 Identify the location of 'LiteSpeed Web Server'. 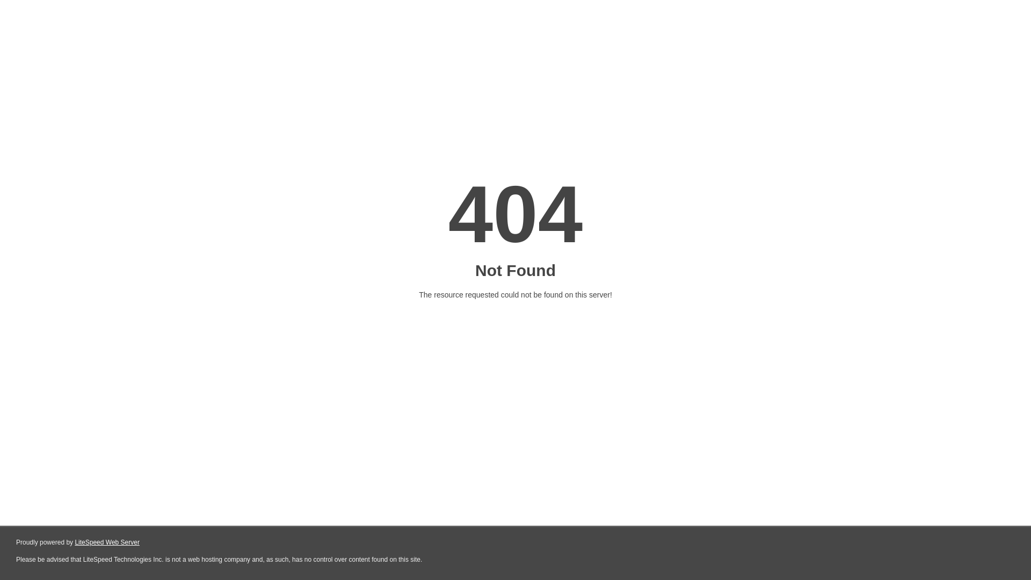
(107, 542).